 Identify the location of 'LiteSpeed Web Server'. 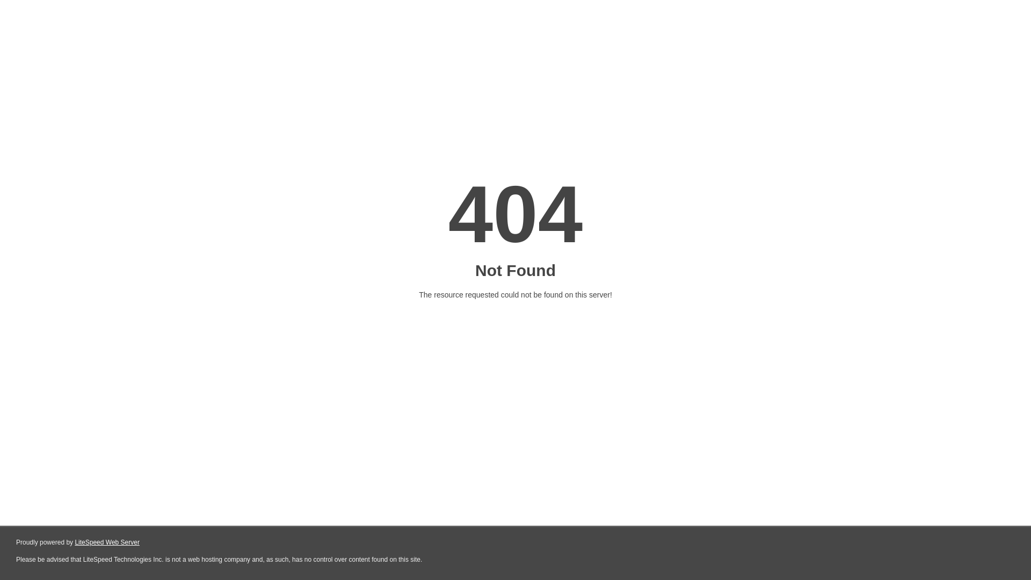
(107, 542).